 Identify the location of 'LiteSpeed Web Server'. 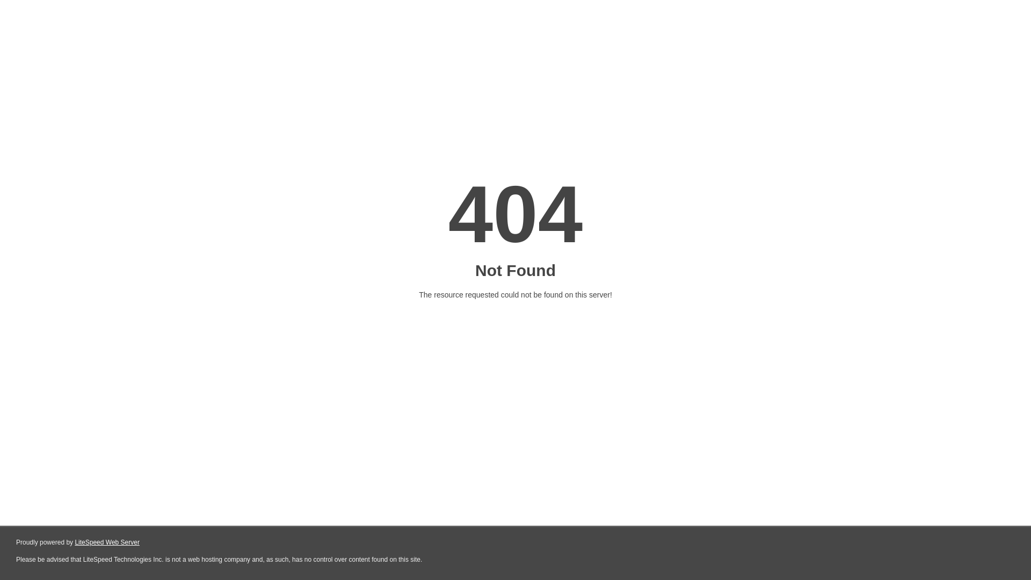
(107, 542).